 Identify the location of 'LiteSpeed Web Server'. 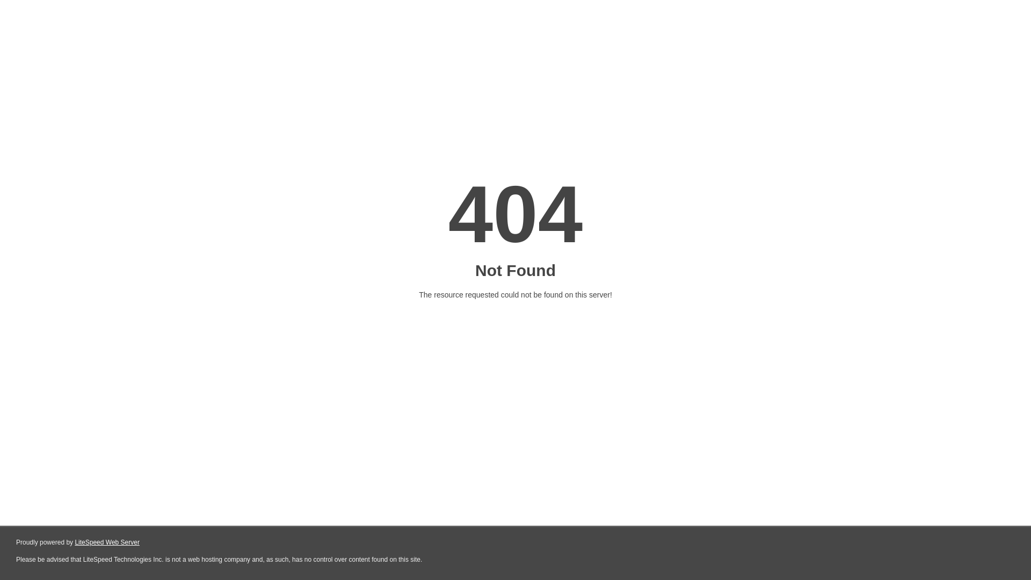
(107, 542).